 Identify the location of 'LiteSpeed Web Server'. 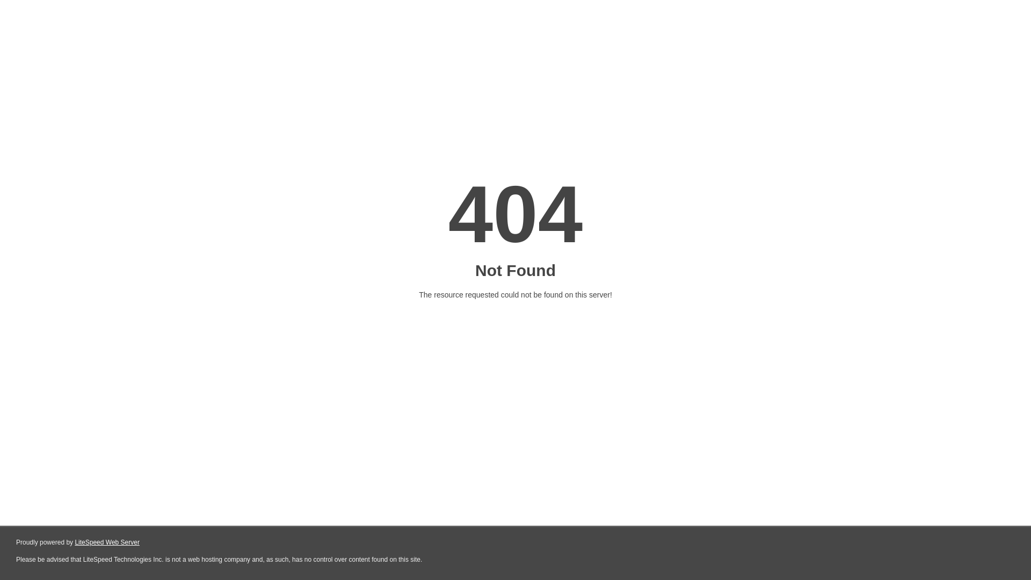
(107, 542).